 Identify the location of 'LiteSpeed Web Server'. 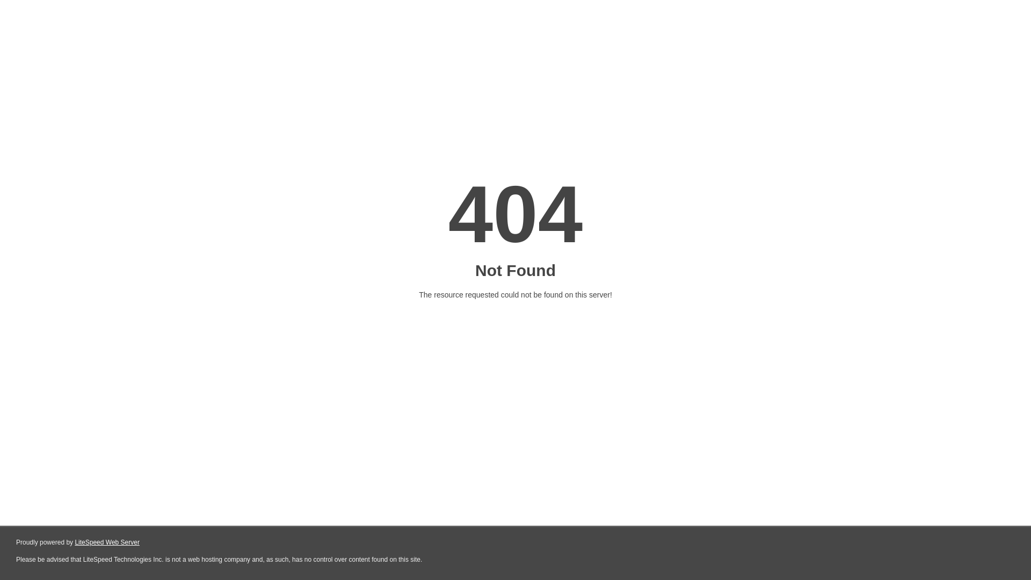
(107, 542).